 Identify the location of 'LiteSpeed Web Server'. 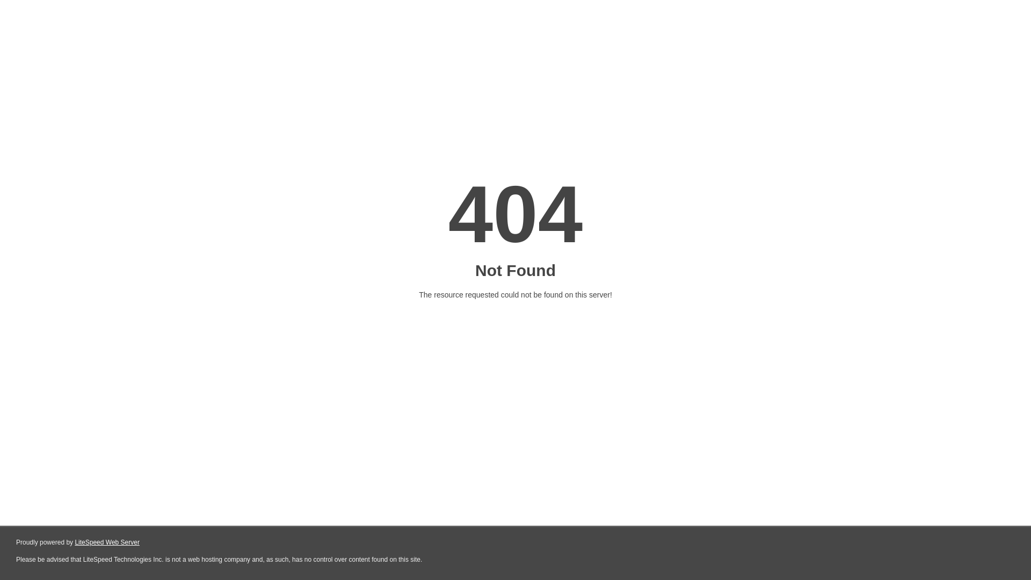
(107, 542).